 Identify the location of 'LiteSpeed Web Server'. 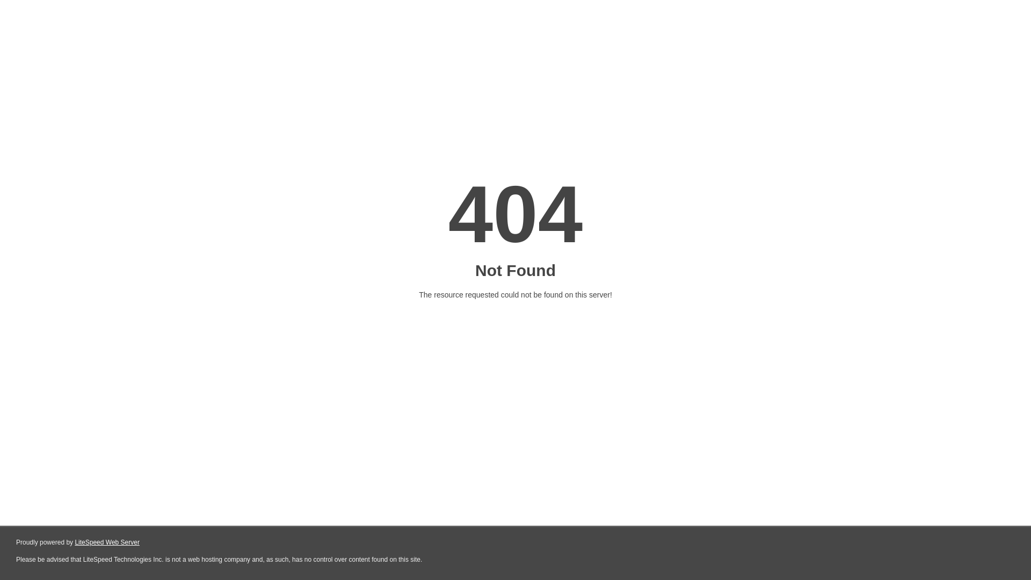
(107, 542).